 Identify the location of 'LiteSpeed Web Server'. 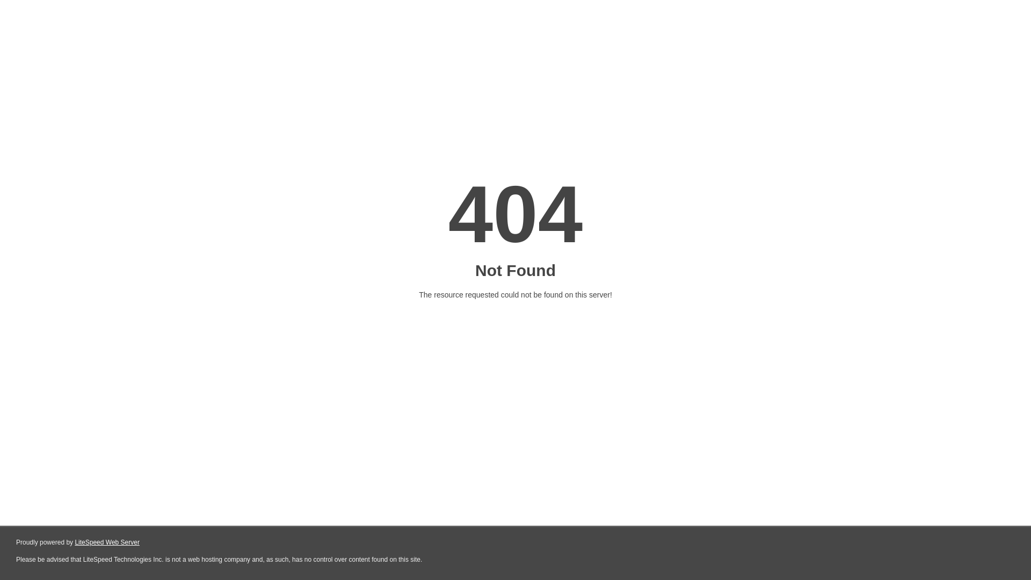
(107, 542).